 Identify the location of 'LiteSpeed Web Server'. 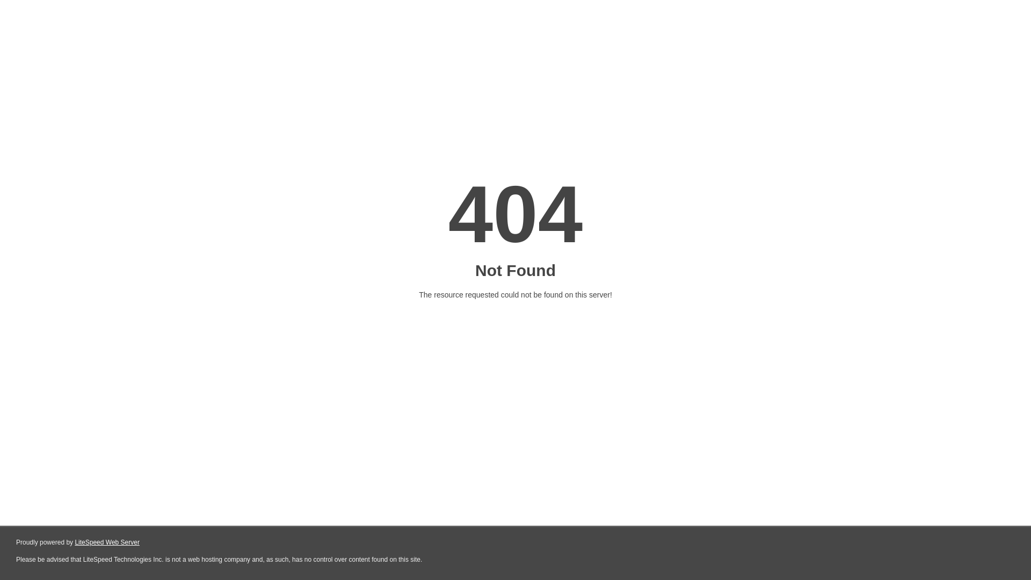
(107, 542).